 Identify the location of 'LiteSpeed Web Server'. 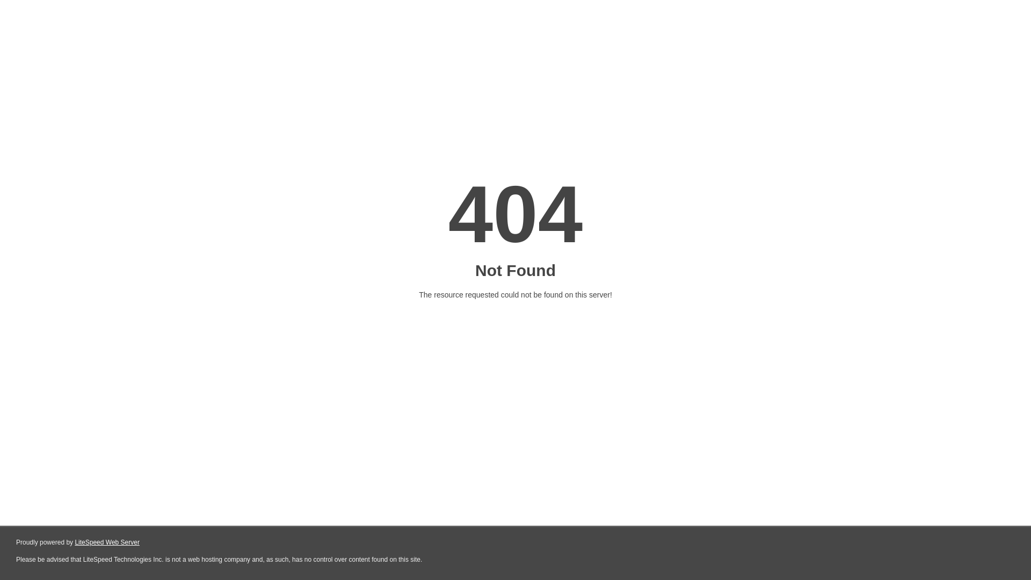
(107, 542).